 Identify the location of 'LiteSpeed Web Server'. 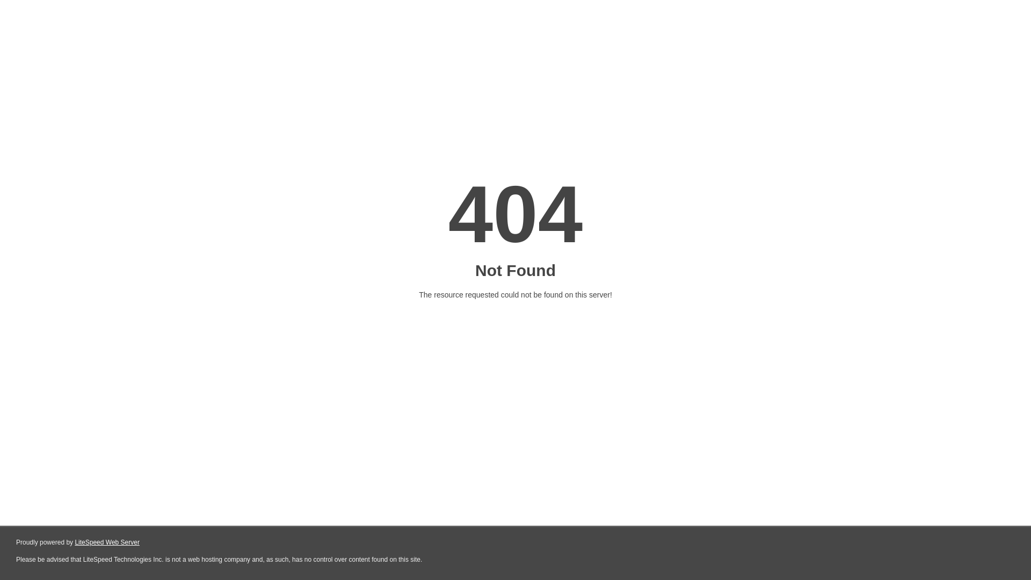
(107, 542).